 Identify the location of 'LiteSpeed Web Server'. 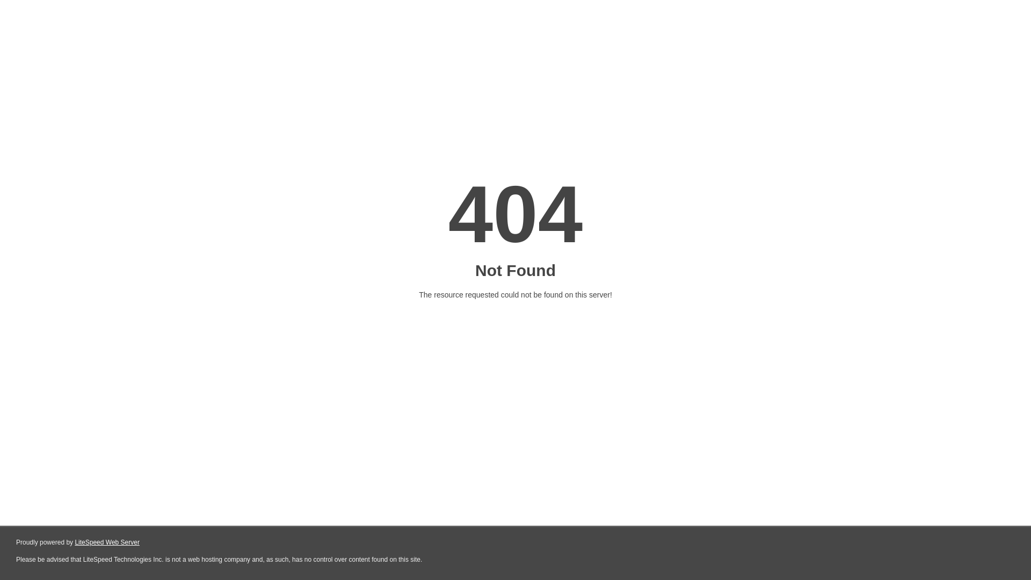
(107, 542).